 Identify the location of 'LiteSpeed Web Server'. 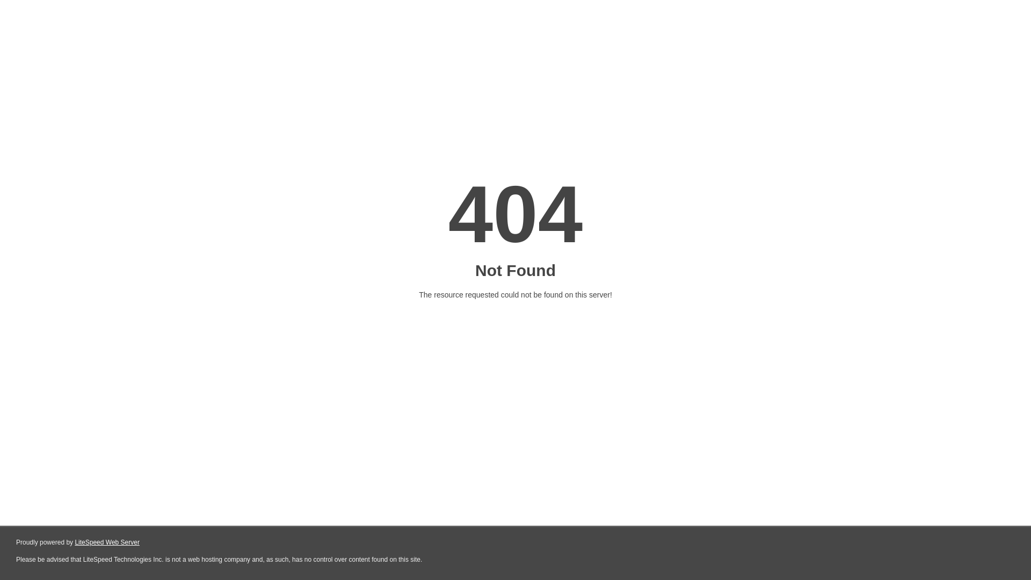
(107, 542).